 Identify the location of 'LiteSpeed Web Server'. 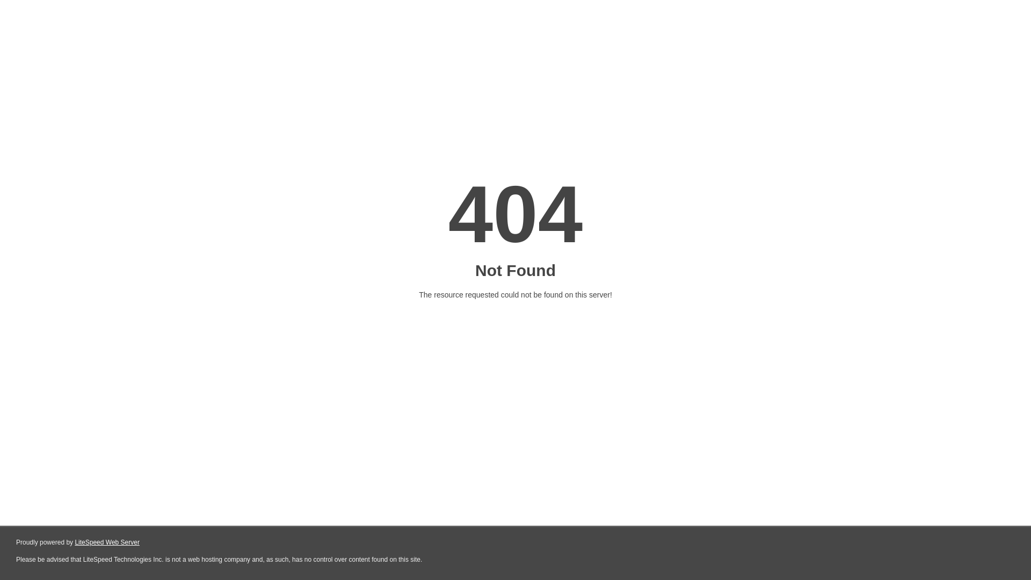
(107, 542).